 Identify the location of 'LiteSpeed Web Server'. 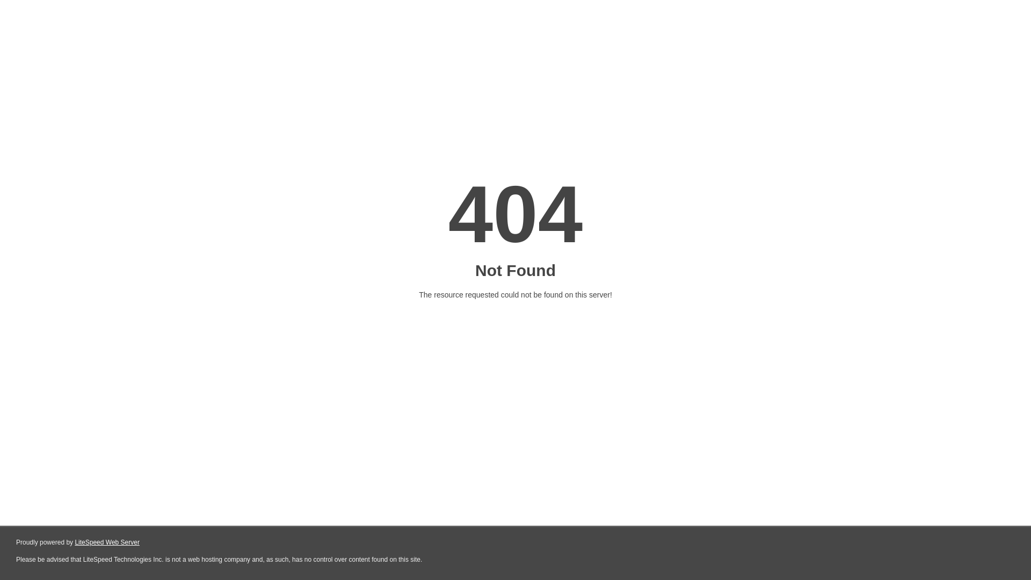
(107, 542).